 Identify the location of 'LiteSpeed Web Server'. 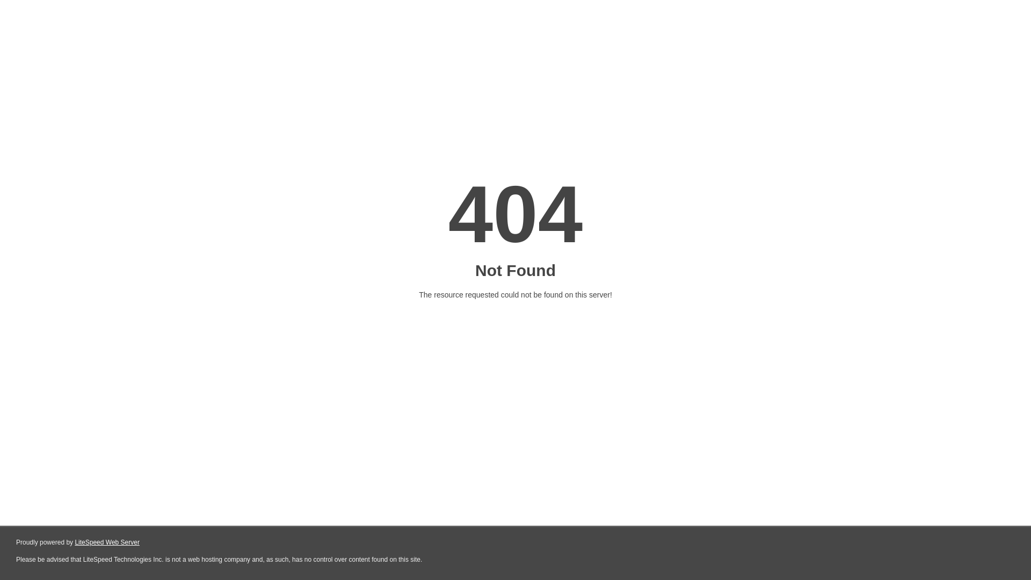
(107, 542).